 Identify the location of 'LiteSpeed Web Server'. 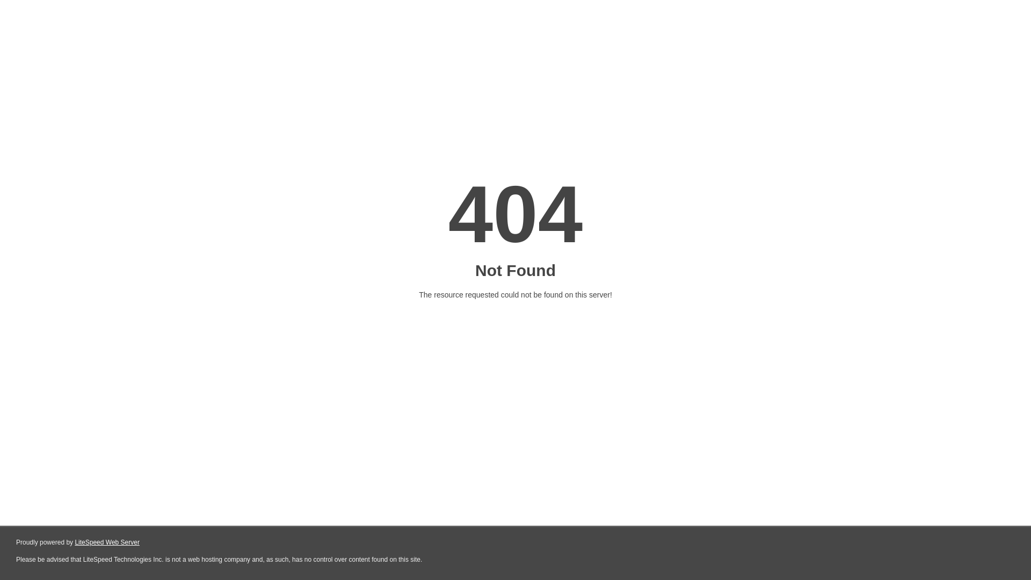
(107, 542).